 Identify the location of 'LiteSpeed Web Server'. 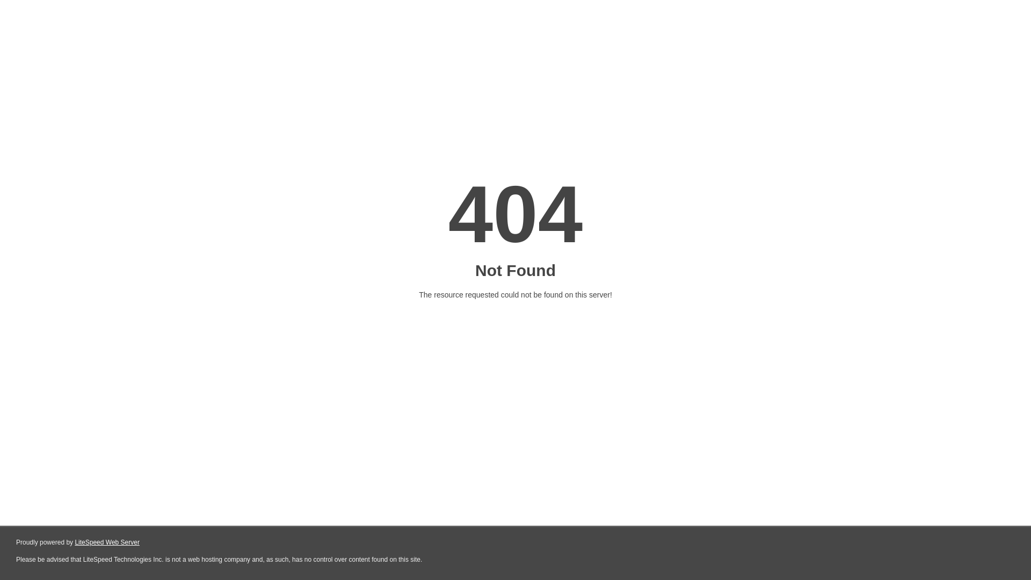
(107, 542).